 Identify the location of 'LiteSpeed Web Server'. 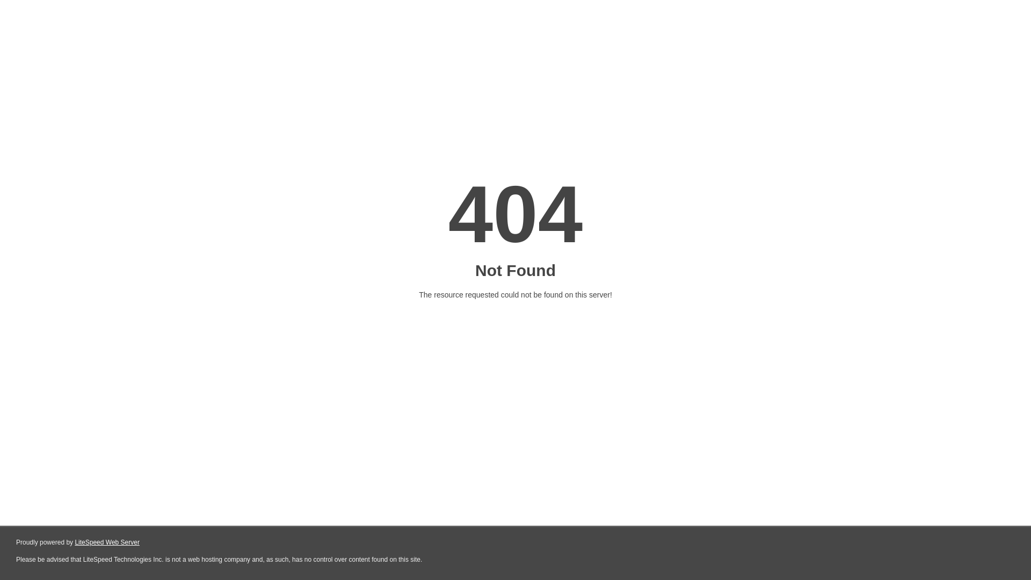
(107, 542).